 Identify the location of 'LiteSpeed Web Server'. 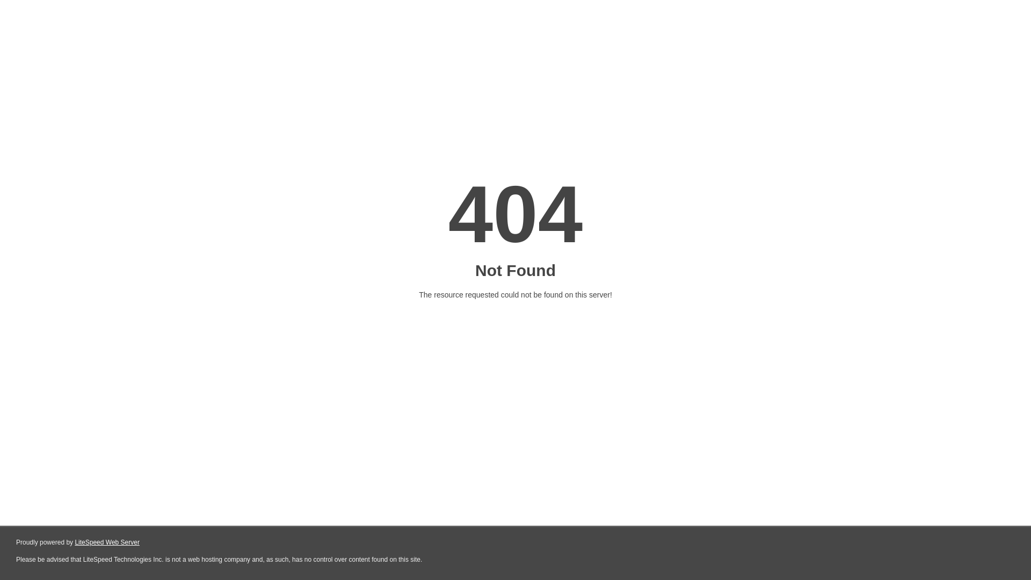
(107, 542).